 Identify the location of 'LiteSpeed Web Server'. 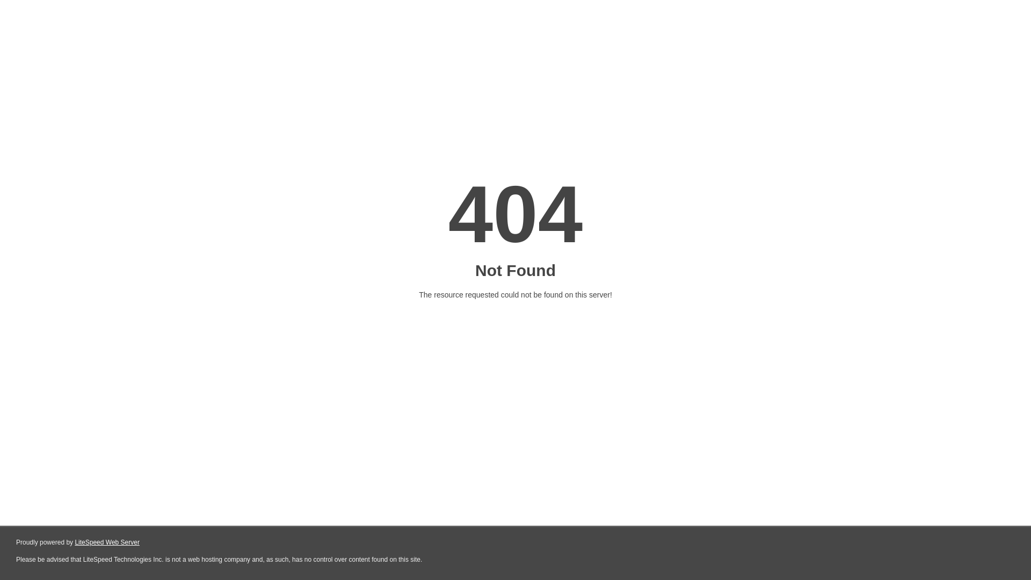
(107, 542).